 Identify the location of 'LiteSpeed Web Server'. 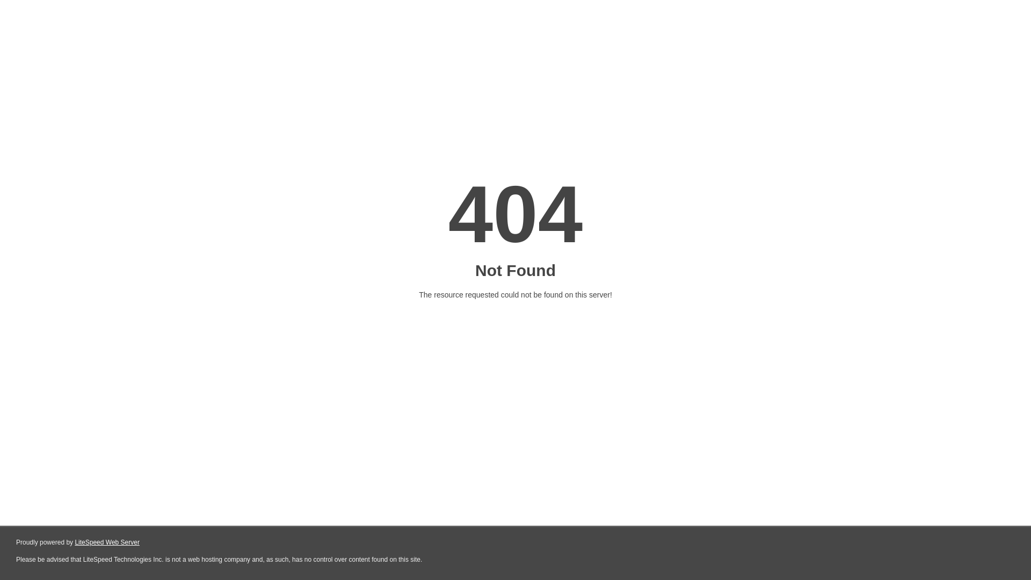
(107, 542).